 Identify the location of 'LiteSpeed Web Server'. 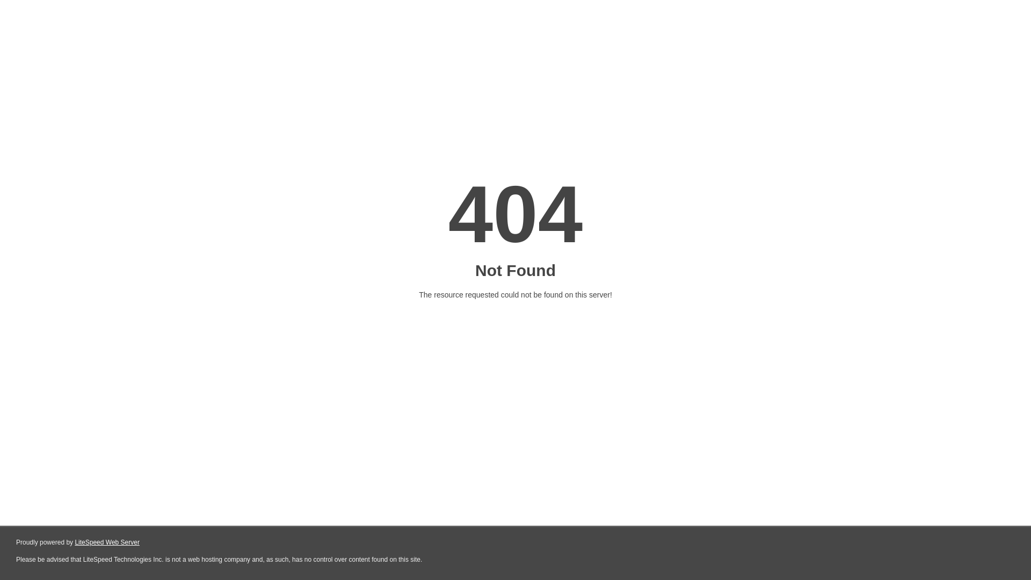
(107, 542).